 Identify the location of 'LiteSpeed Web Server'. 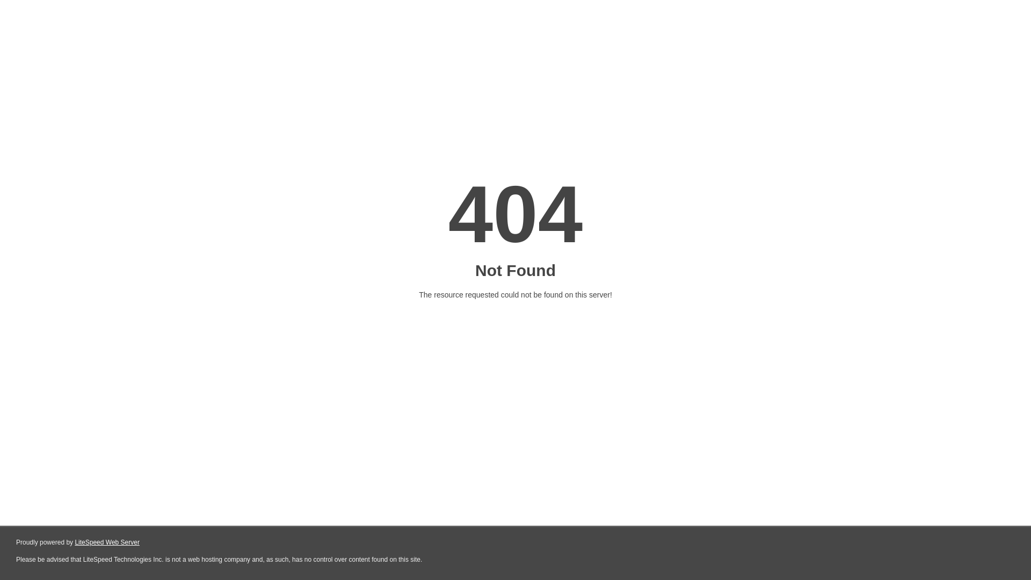
(107, 542).